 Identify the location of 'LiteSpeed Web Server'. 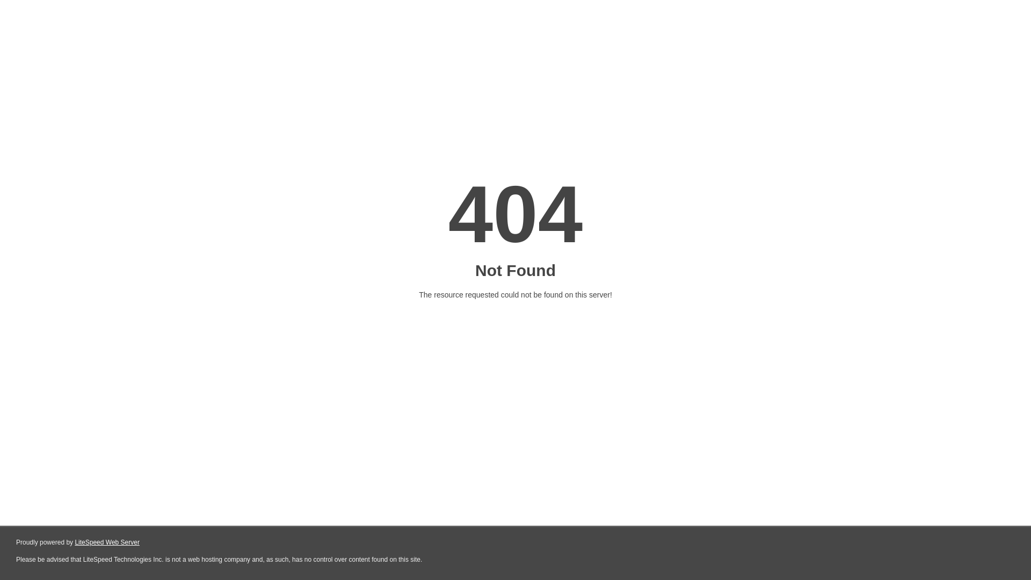
(107, 542).